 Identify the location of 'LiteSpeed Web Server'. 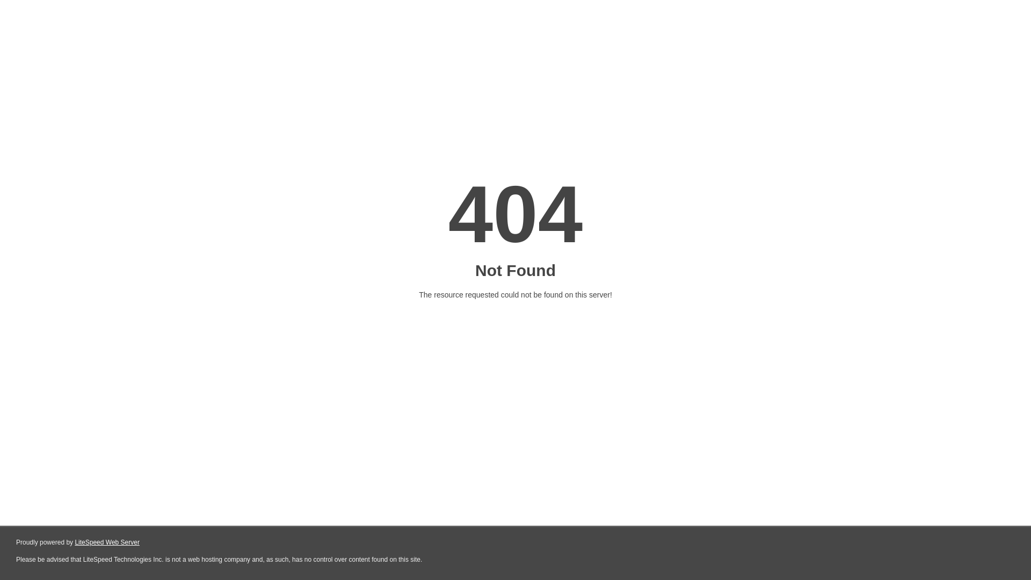
(107, 542).